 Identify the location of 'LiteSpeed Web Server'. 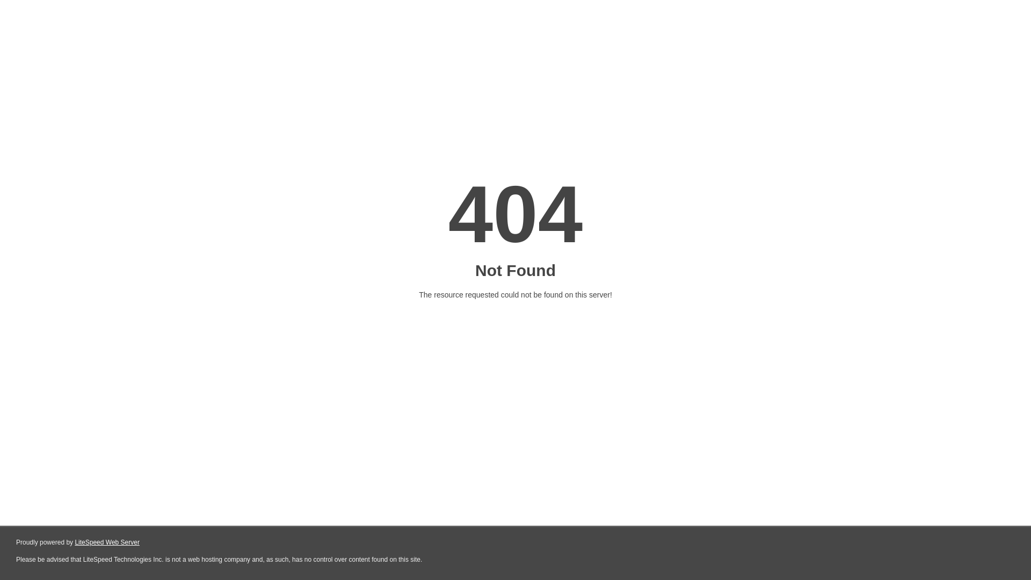
(107, 542).